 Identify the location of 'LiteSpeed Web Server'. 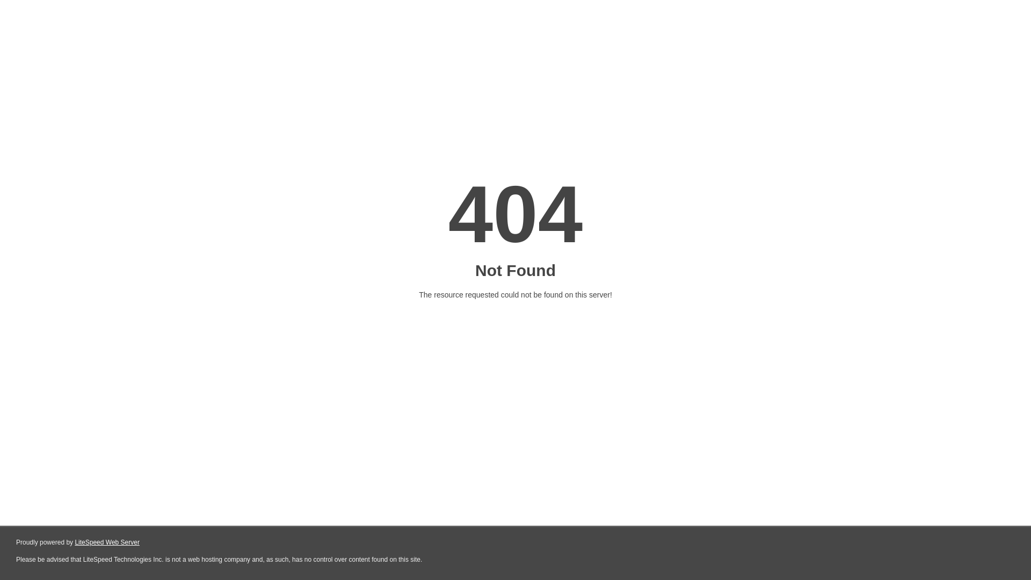
(107, 542).